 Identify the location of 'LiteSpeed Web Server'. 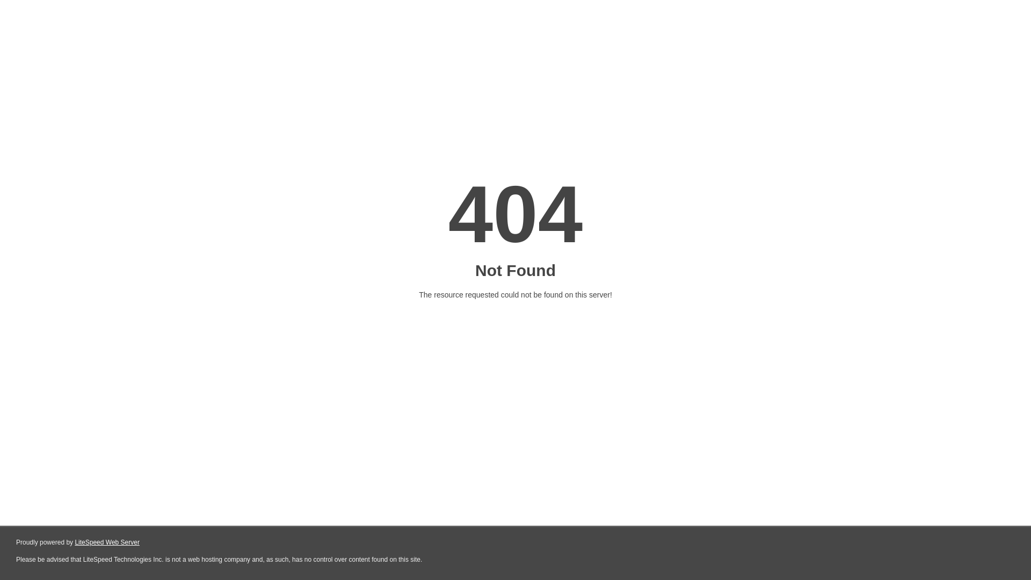
(107, 542).